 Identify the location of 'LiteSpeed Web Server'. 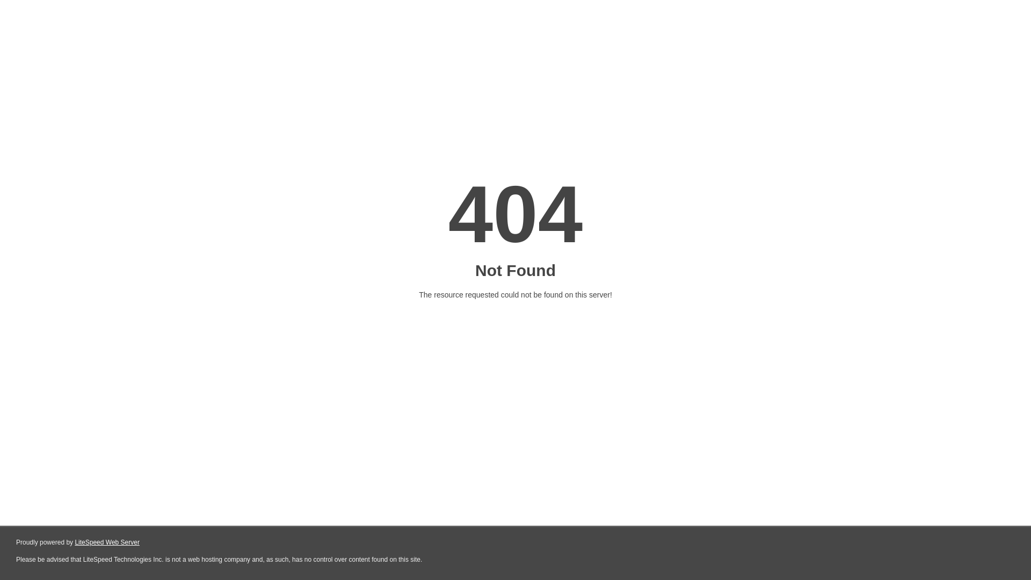
(107, 542).